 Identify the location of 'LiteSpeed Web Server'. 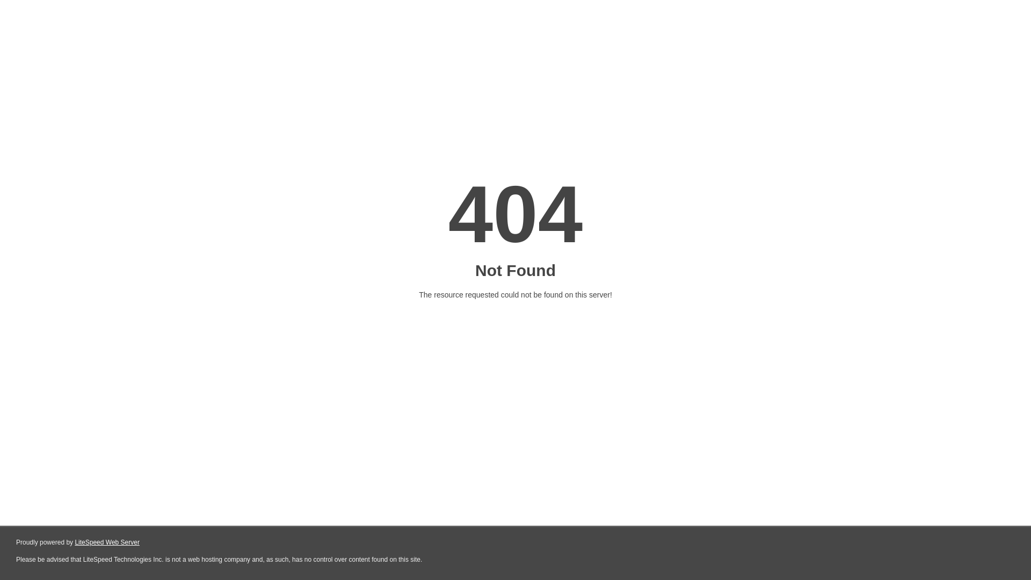
(107, 542).